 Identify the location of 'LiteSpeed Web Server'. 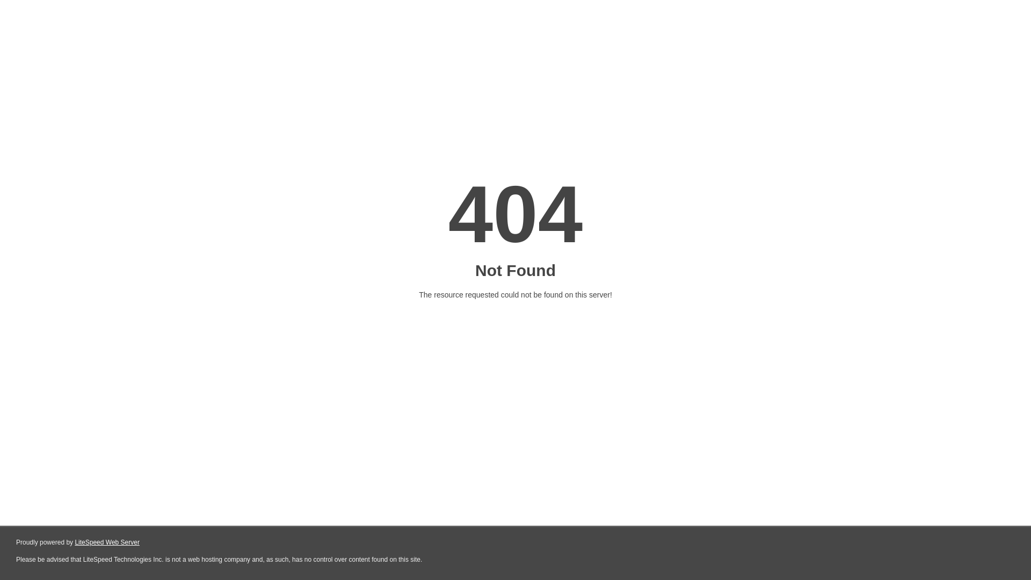
(107, 542).